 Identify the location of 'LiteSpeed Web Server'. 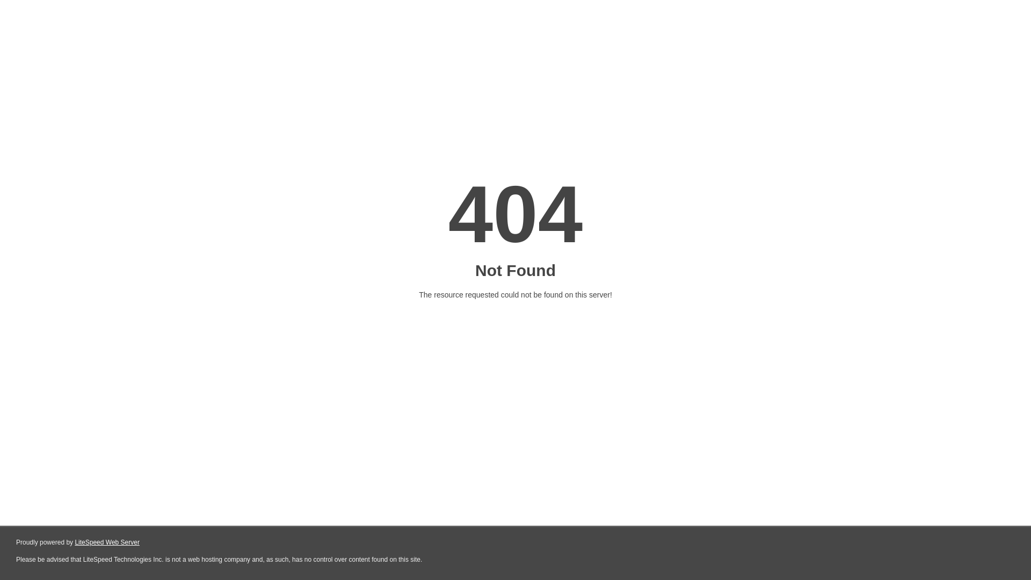
(107, 542).